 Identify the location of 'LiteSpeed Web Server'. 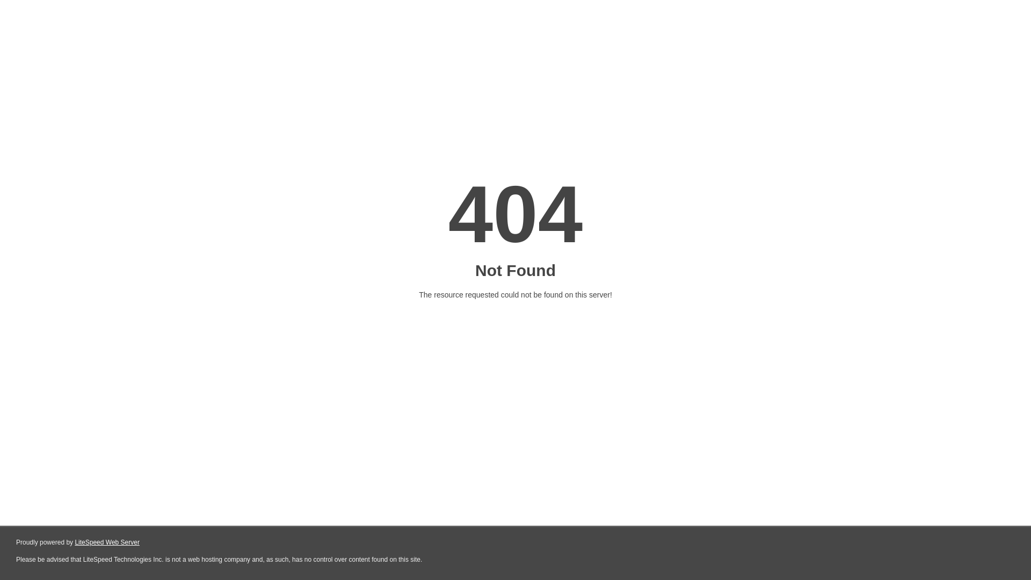
(107, 542).